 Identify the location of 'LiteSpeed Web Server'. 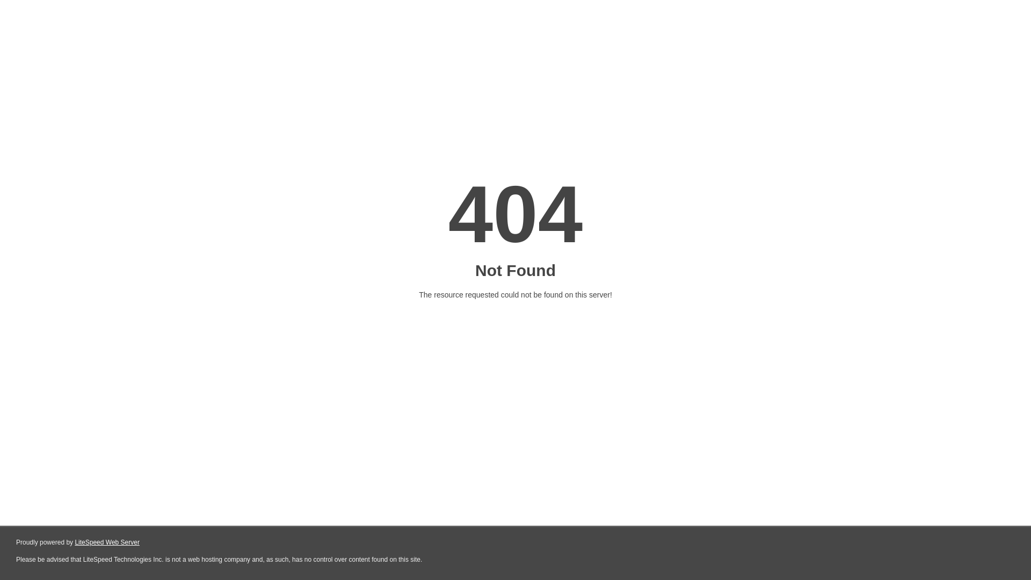
(107, 542).